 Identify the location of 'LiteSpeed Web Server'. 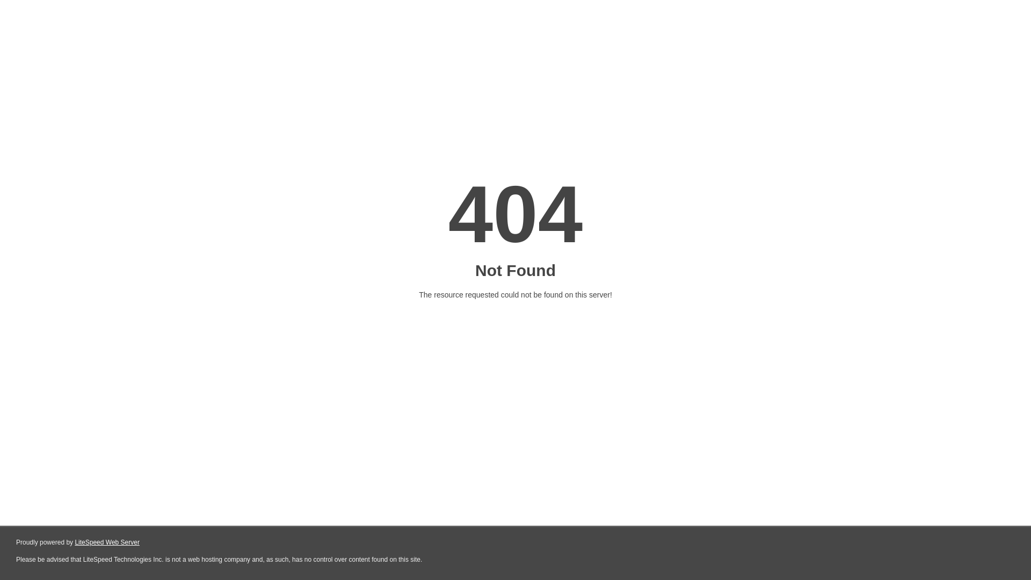
(107, 542).